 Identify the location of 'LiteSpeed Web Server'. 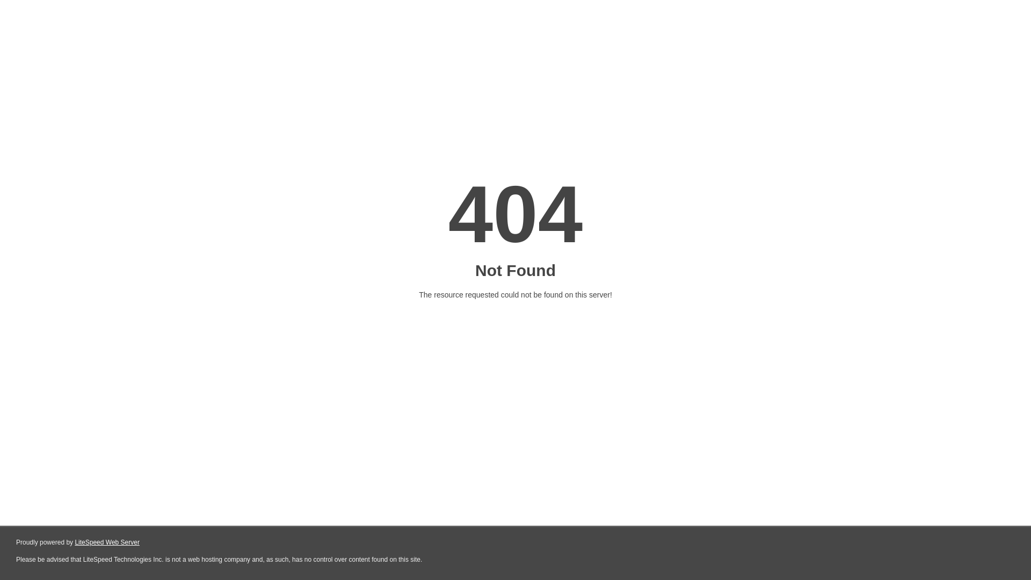
(107, 542).